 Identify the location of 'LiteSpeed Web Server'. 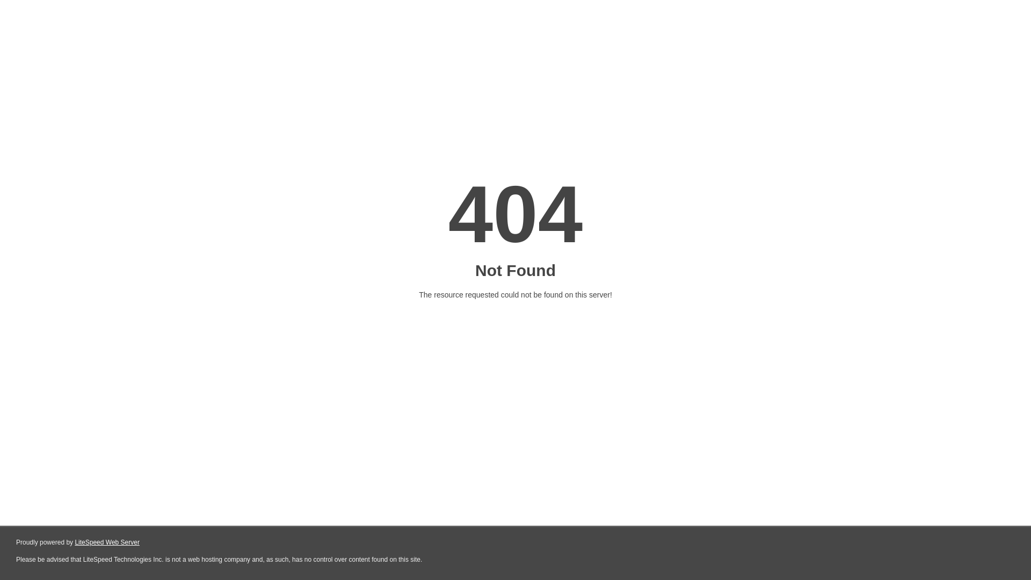
(107, 542).